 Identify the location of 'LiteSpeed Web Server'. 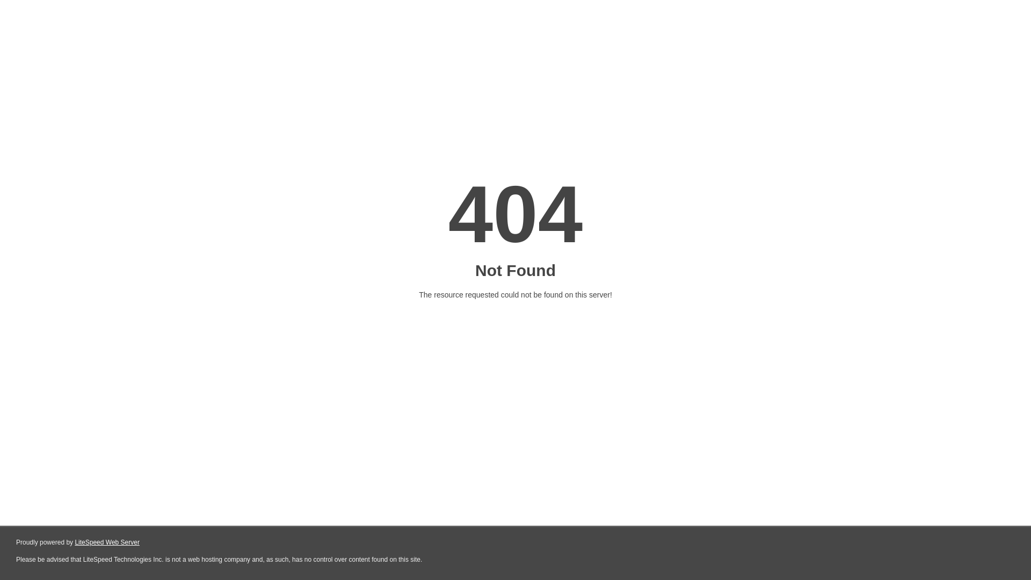
(107, 542).